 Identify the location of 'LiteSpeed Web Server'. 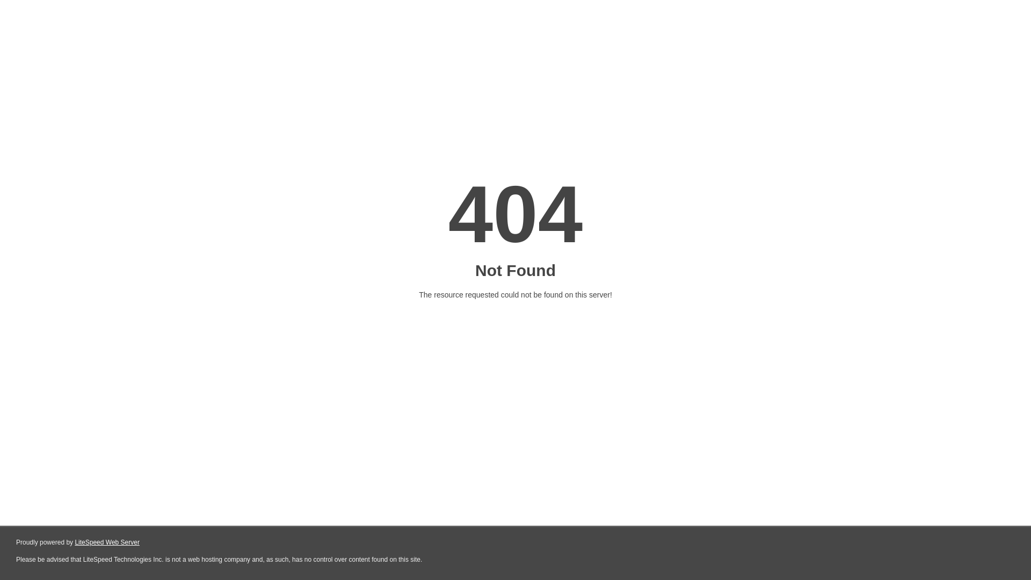
(107, 542).